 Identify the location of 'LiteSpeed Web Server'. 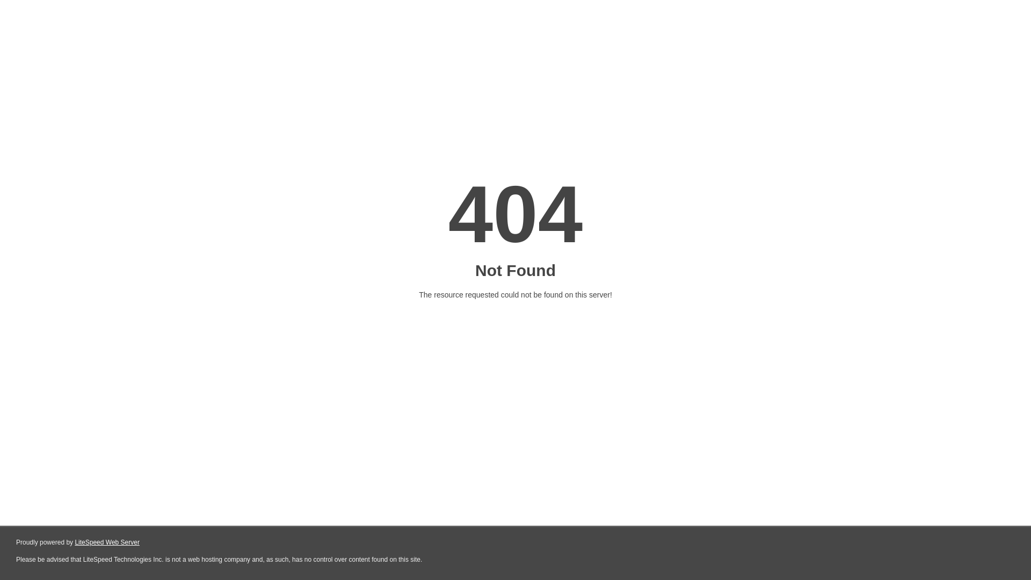
(107, 542).